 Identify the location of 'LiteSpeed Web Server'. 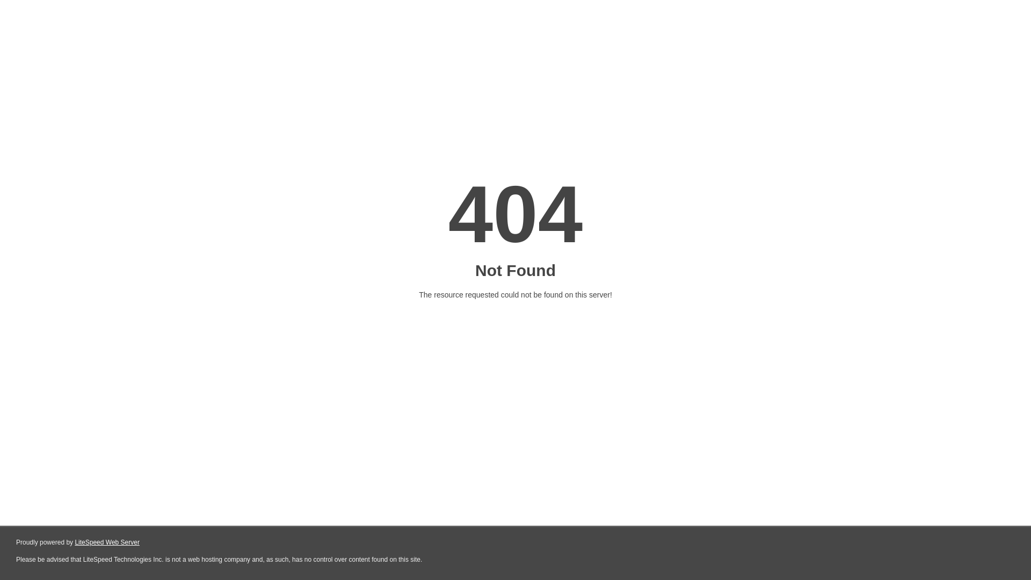
(107, 542).